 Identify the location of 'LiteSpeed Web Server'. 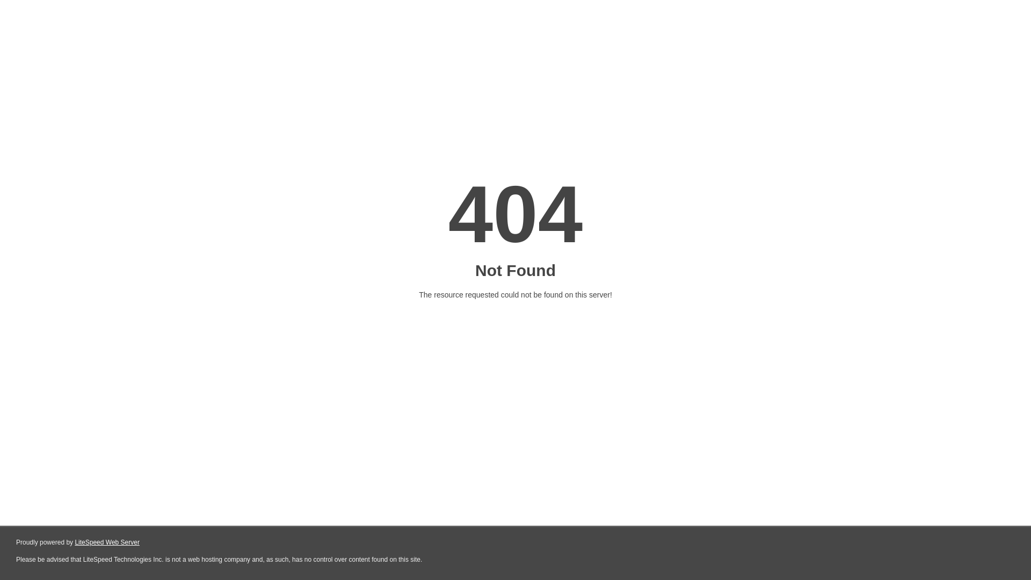
(107, 542).